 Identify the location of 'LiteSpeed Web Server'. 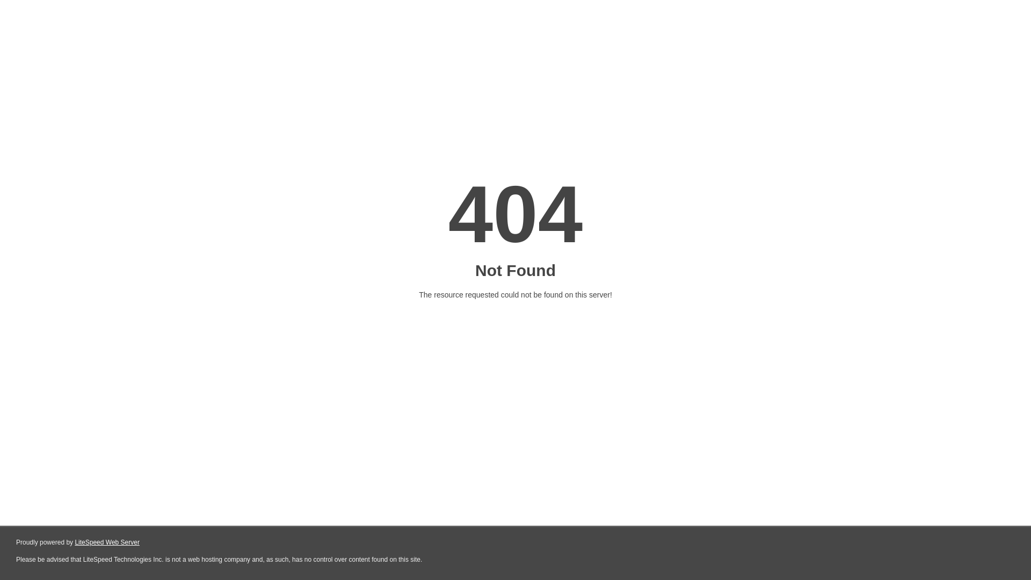
(107, 542).